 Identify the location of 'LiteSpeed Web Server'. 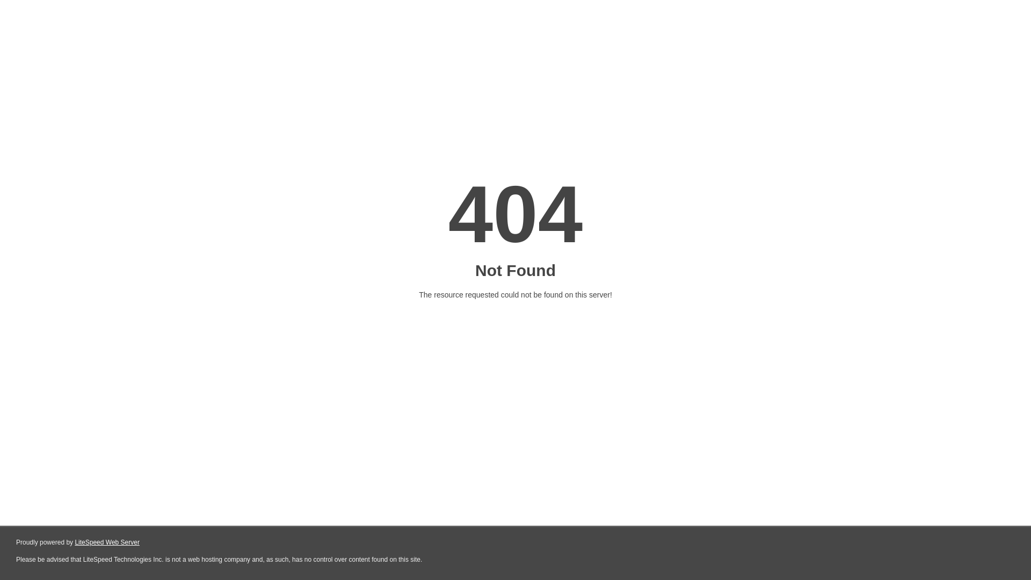
(107, 542).